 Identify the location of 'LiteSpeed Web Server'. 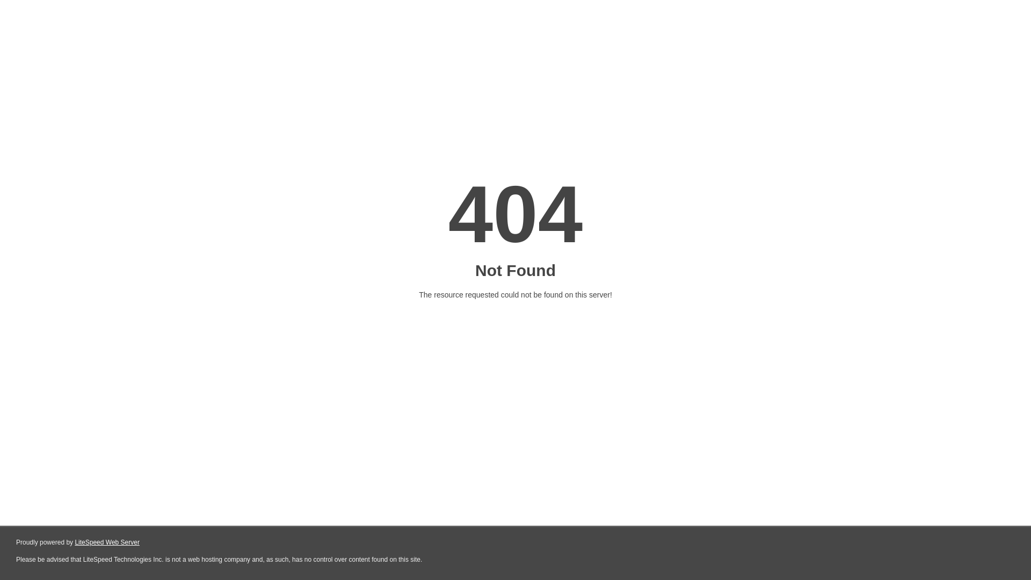
(107, 542).